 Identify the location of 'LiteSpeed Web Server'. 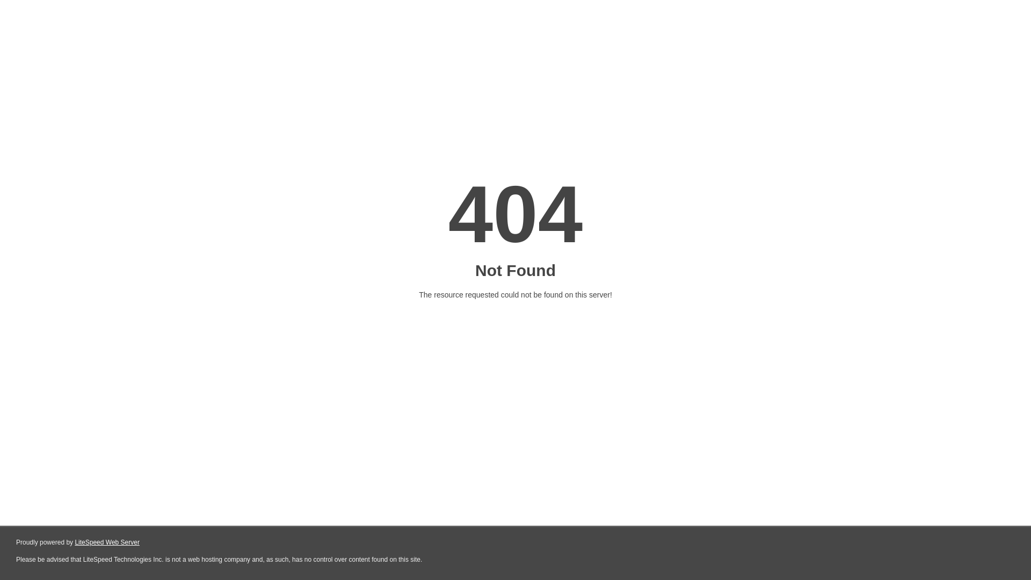
(107, 542).